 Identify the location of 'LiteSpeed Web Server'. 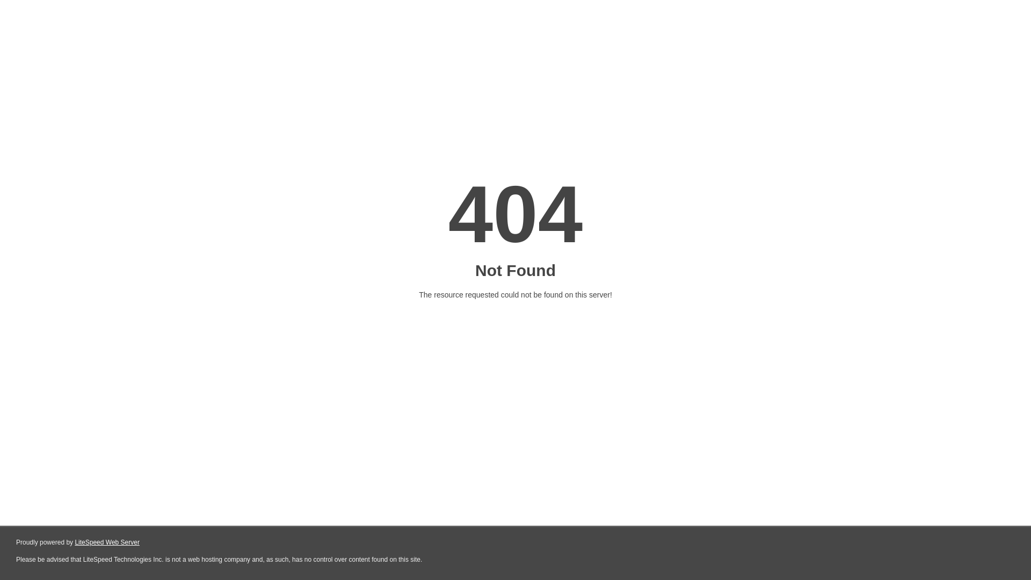
(107, 542).